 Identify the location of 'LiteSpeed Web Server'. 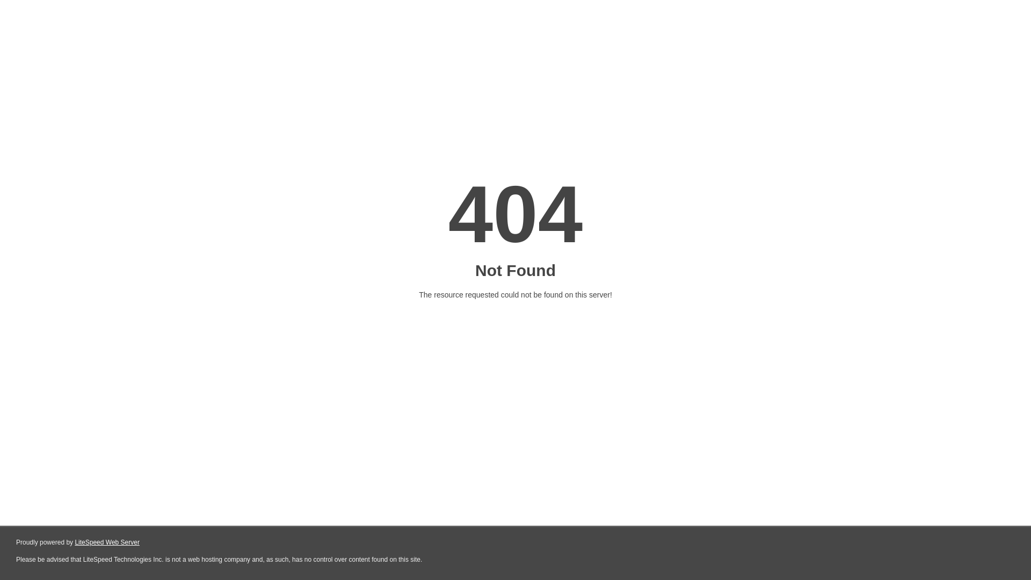
(107, 542).